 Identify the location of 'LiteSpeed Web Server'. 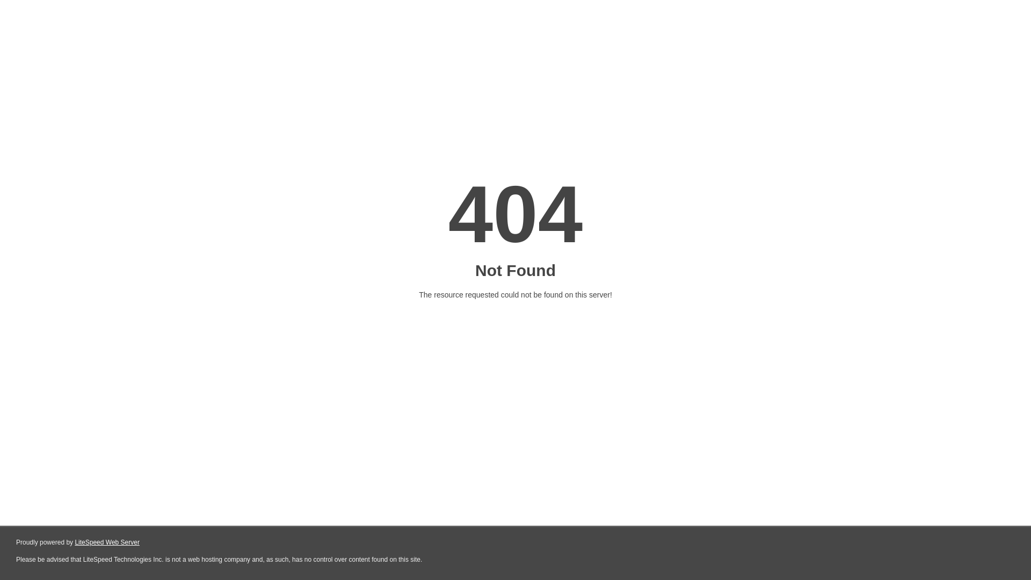
(107, 542).